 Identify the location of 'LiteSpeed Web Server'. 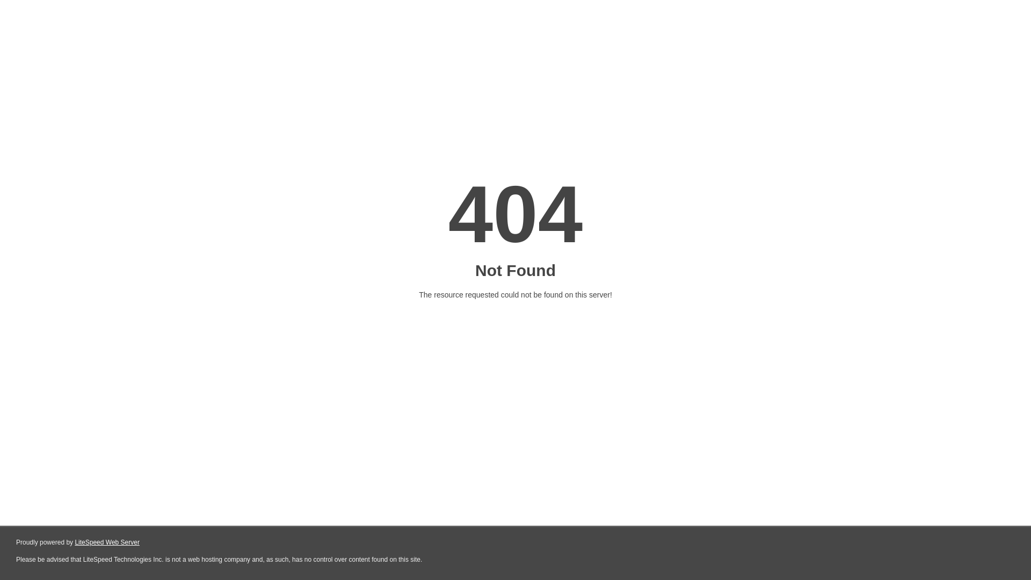
(107, 542).